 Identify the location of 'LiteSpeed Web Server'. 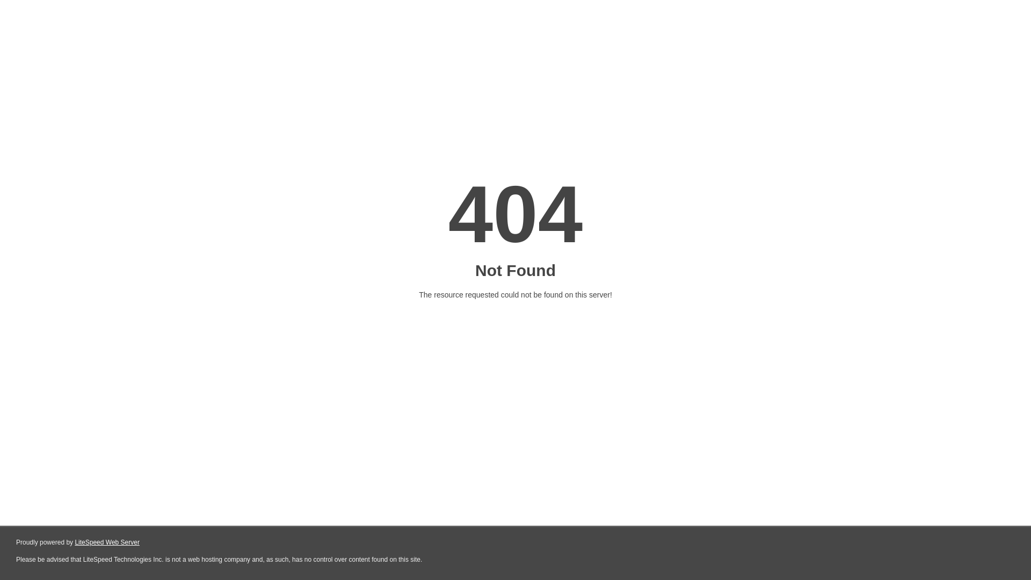
(107, 542).